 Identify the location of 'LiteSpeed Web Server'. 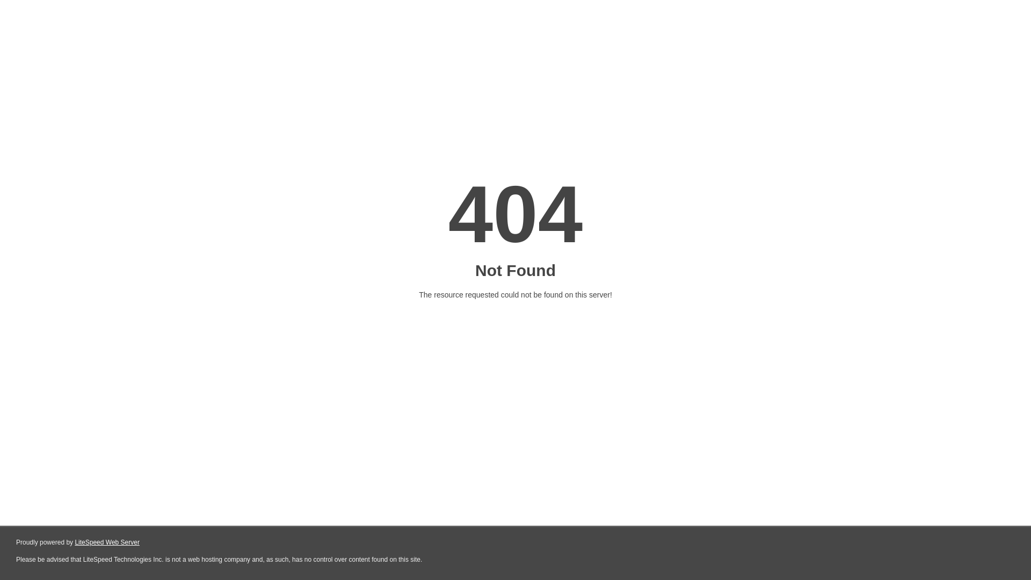
(107, 542).